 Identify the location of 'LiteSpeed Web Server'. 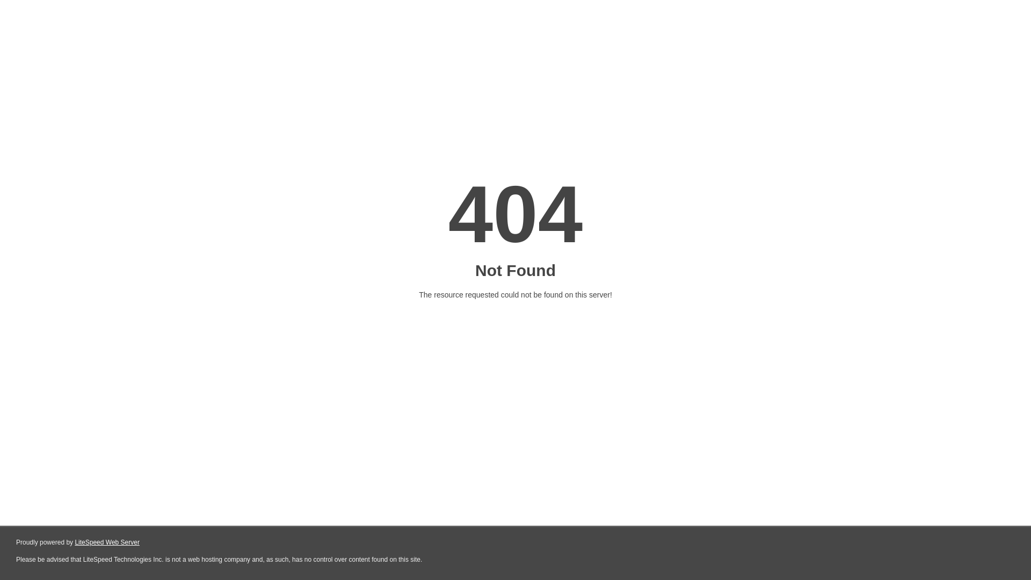
(107, 542).